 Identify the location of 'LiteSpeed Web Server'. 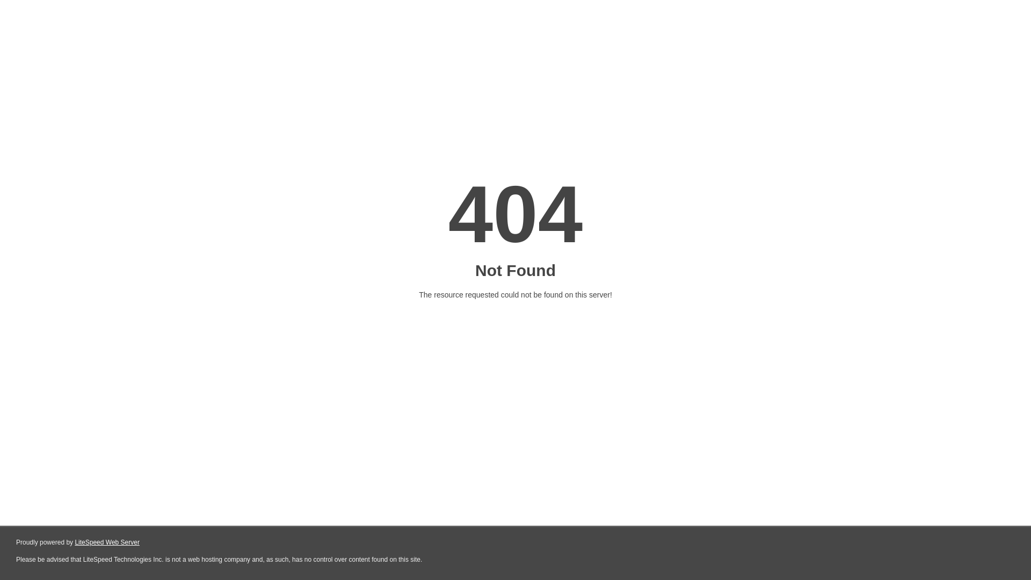
(107, 542).